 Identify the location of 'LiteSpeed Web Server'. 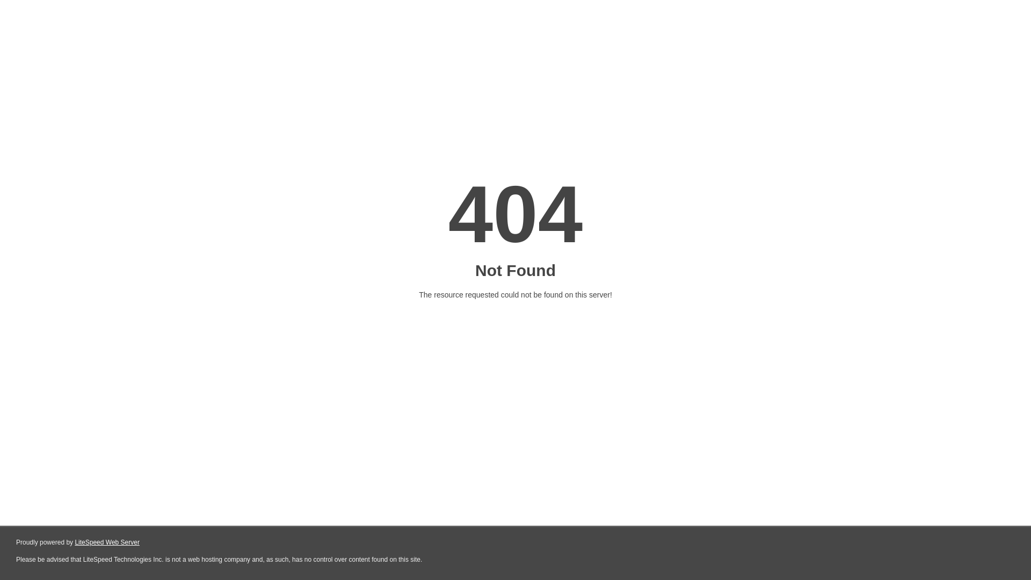
(107, 542).